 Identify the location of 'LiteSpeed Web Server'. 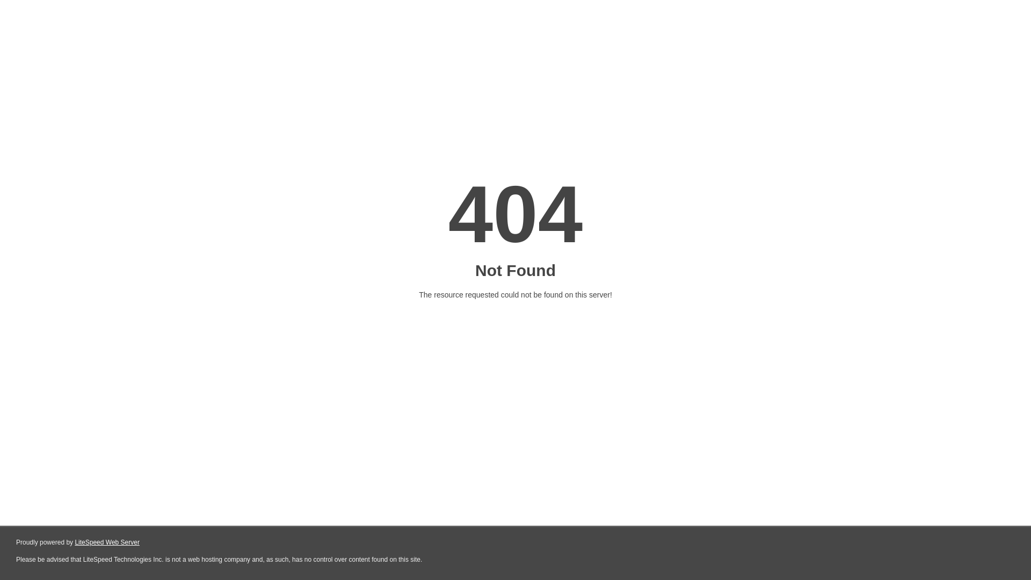
(107, 542).